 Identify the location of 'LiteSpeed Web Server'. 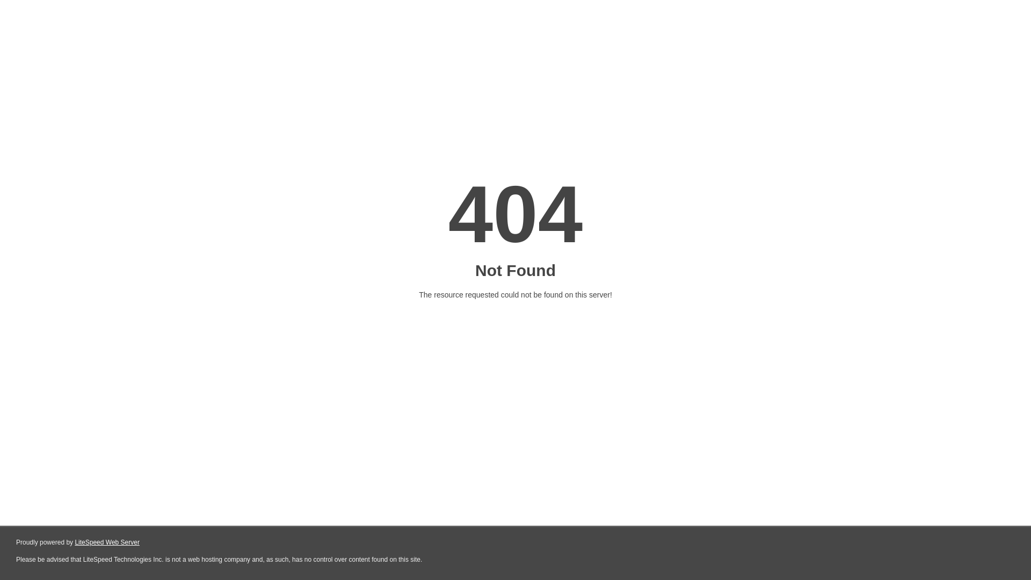
(107, 542).